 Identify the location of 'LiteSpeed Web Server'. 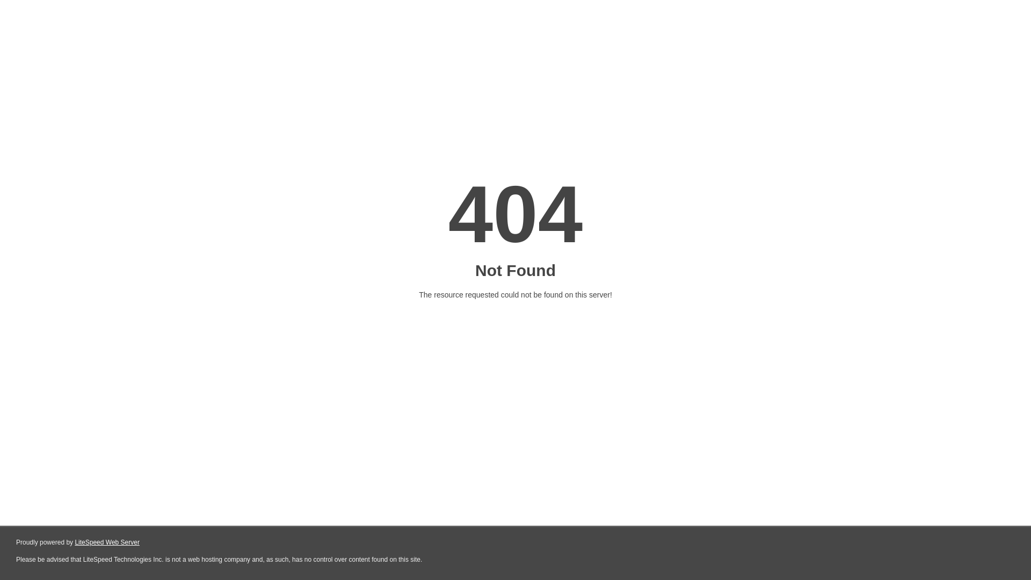
(107, 542).